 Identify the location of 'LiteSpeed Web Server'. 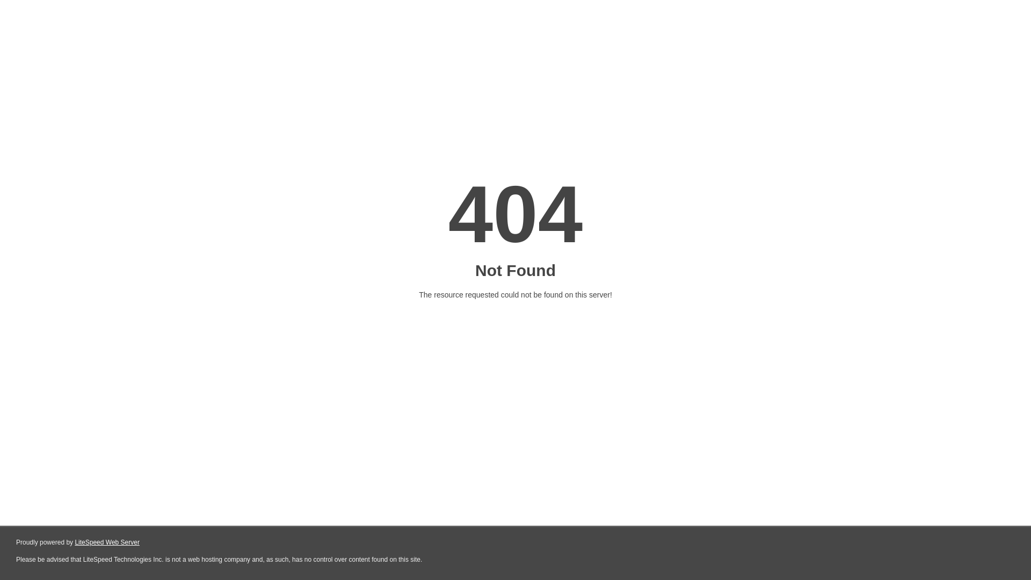
(107, 542).